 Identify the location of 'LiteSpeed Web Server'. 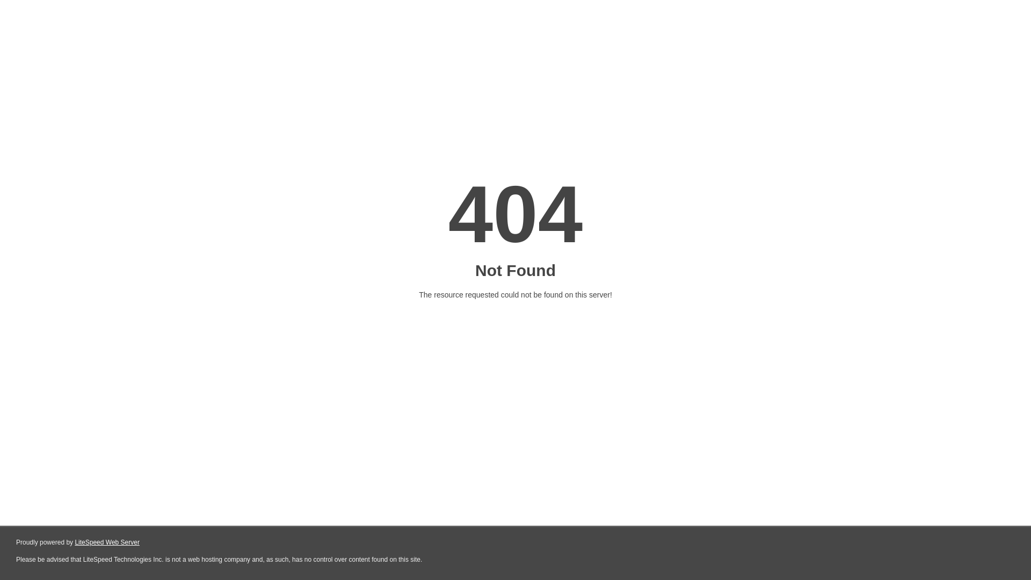
(107, 542).